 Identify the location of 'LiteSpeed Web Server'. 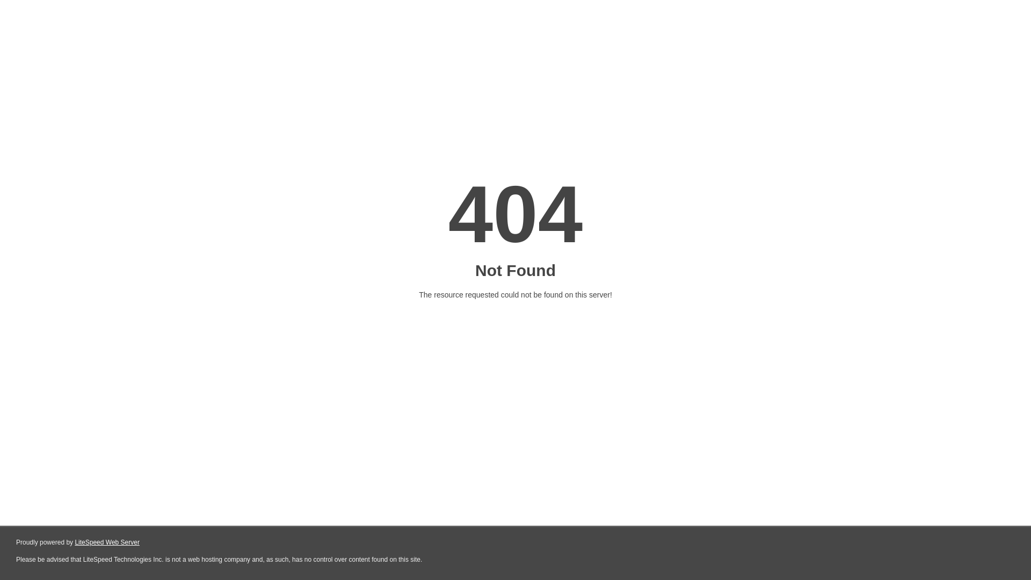
(107, 542).